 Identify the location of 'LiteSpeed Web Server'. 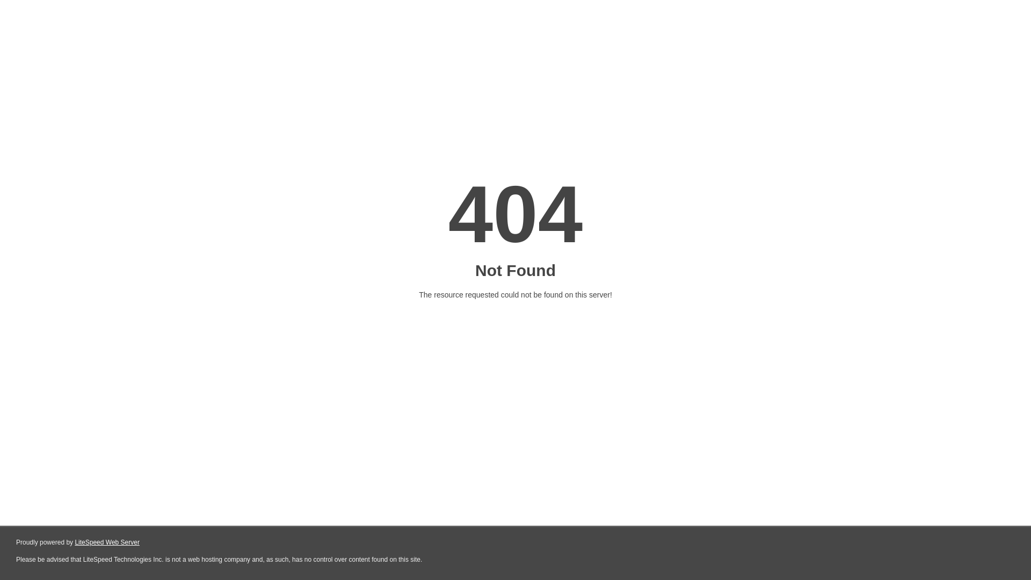
(107, 542).